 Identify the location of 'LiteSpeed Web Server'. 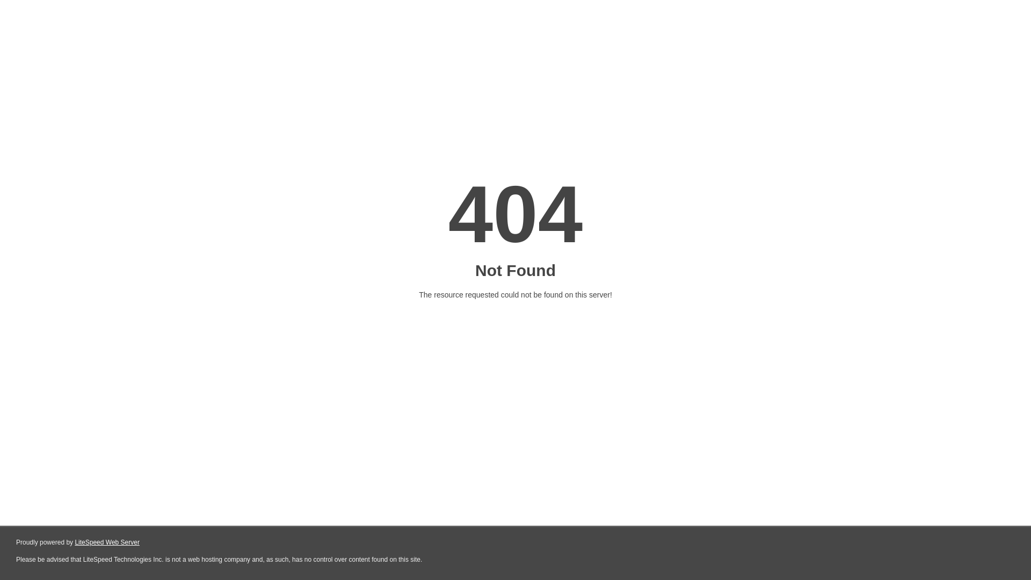
(107, 542).